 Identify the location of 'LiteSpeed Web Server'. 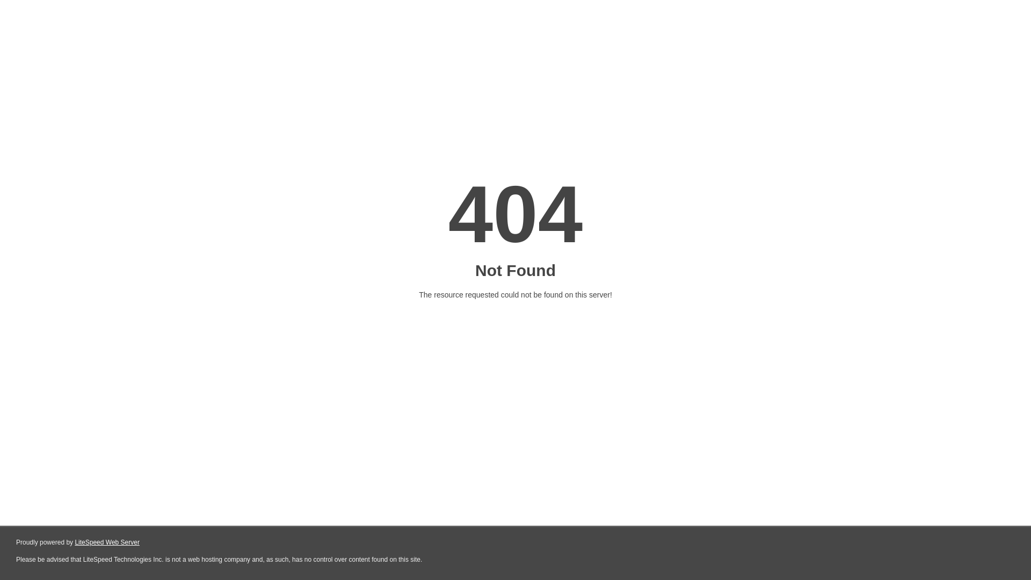
(107, 542).